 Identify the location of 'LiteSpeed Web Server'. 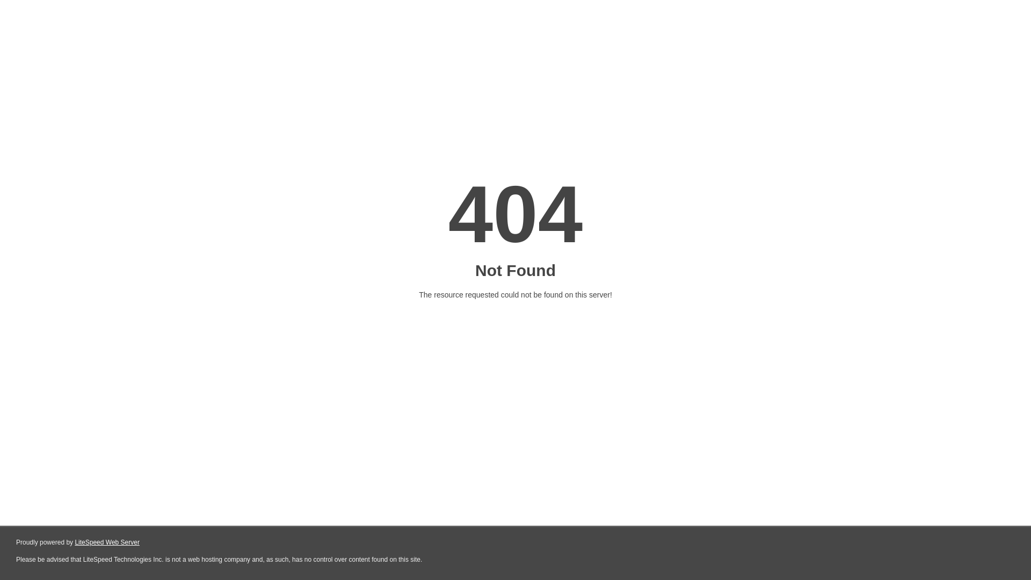
(107, 542).